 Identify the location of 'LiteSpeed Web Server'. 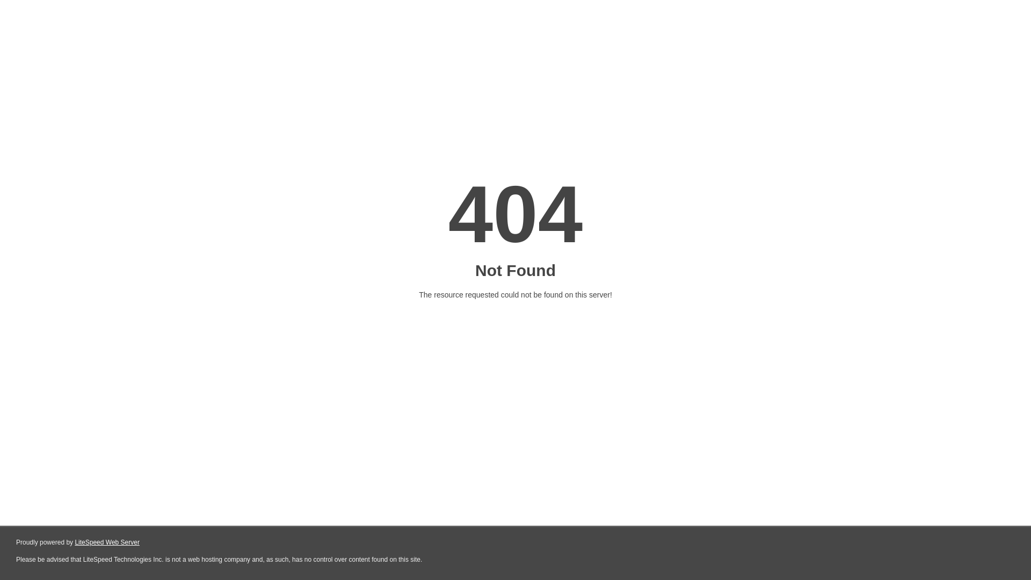
(107, 542).